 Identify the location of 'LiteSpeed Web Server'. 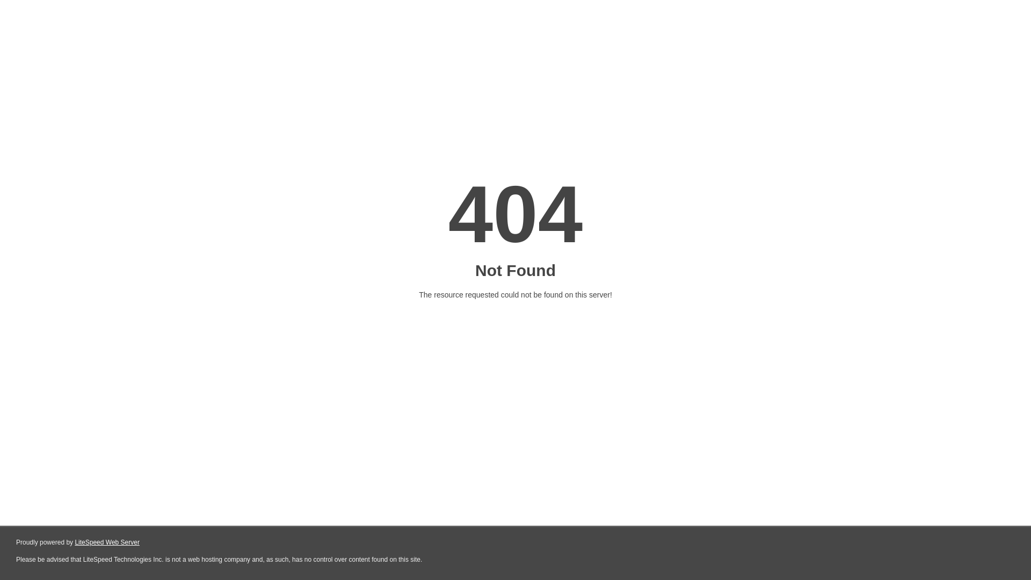
(107, 542).